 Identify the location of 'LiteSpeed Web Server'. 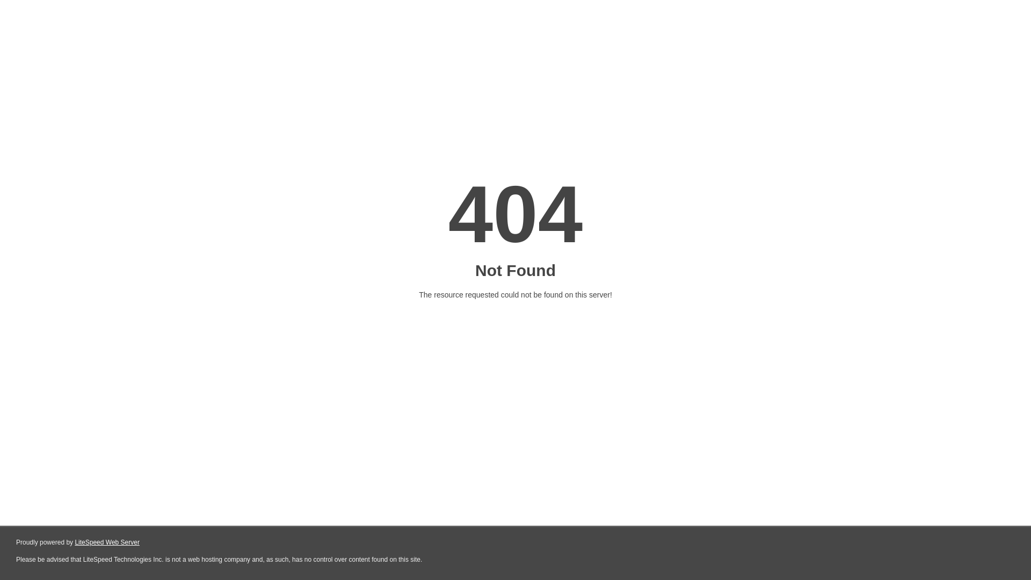
(107, 542).